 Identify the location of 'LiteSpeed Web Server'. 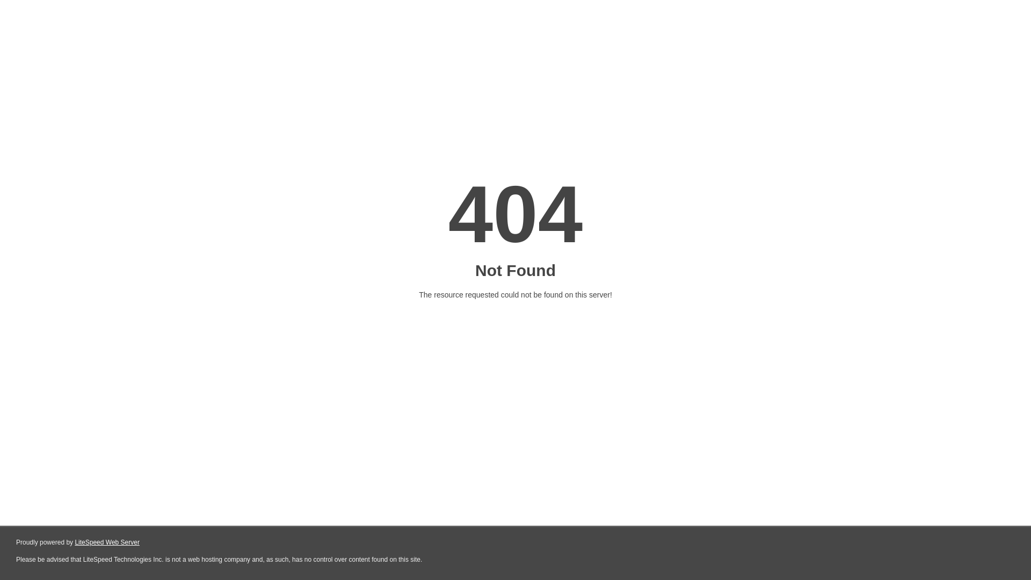
(107, 542).